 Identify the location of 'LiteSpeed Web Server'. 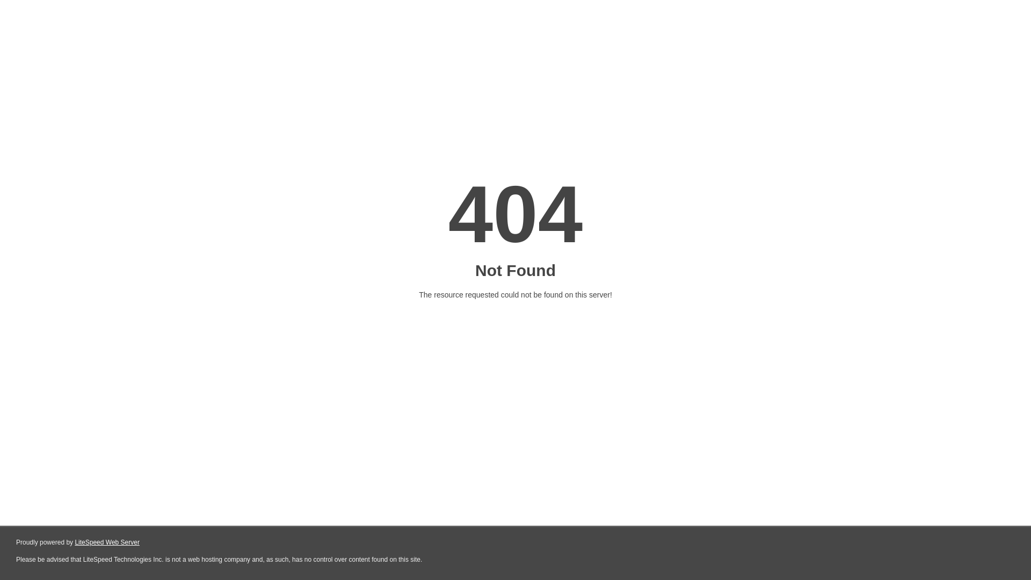
(107, 542).